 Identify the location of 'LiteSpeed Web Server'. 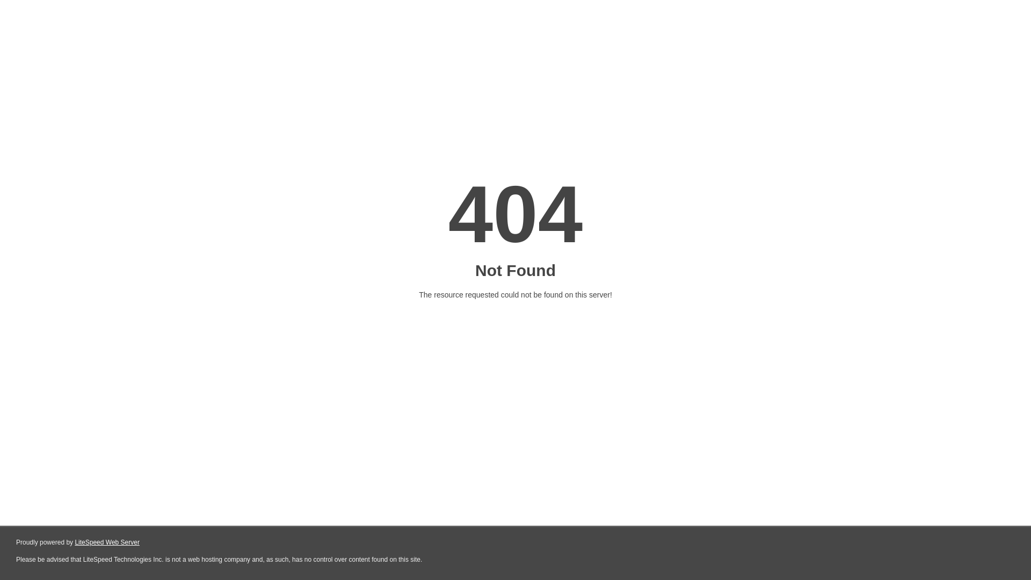
(107, 542).